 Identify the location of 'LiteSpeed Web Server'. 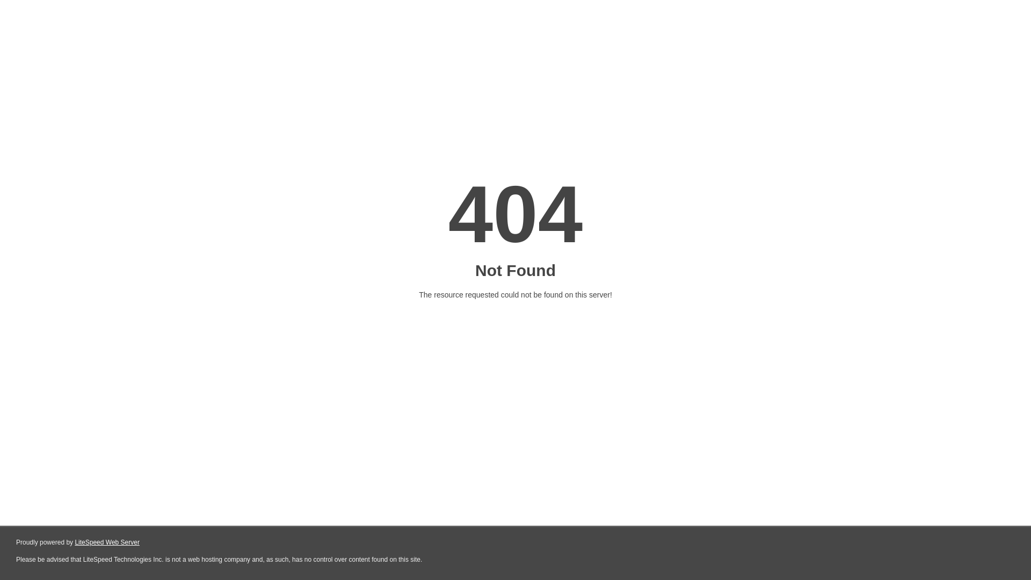
(107, 542).